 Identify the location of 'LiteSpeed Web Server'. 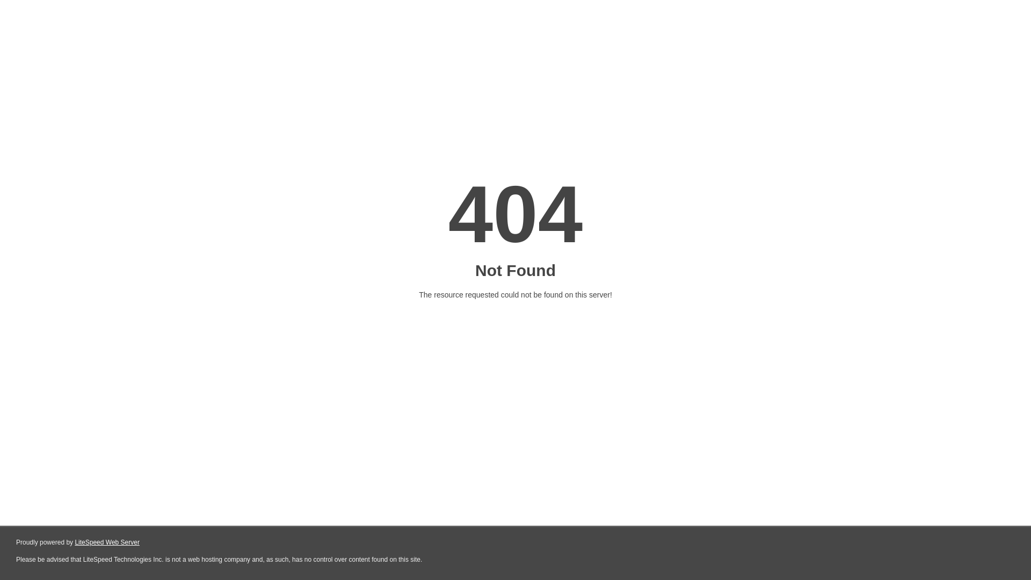
(107, 542).